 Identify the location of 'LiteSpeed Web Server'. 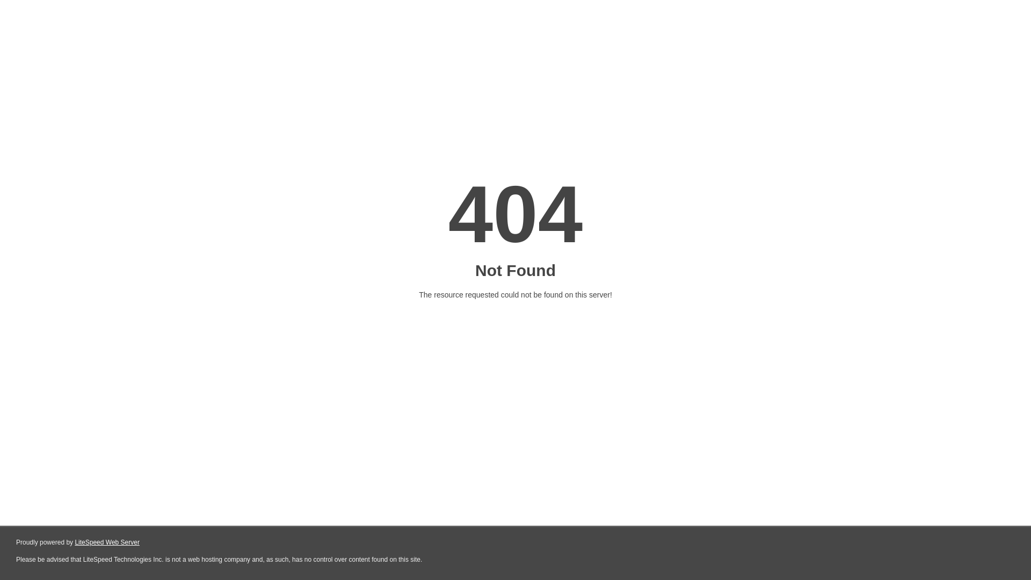
(107, 542).